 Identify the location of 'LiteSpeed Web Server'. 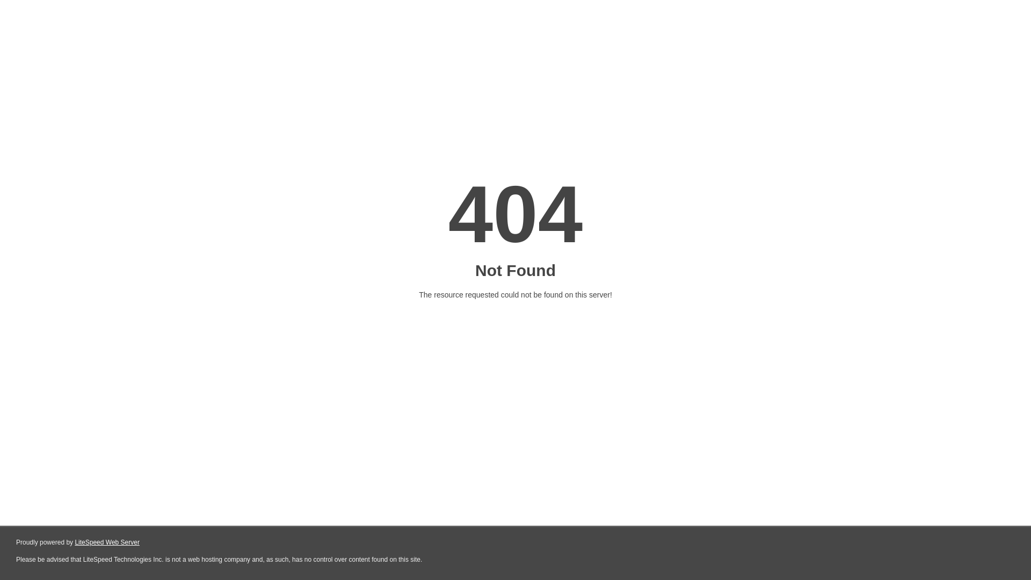
(107, 542).